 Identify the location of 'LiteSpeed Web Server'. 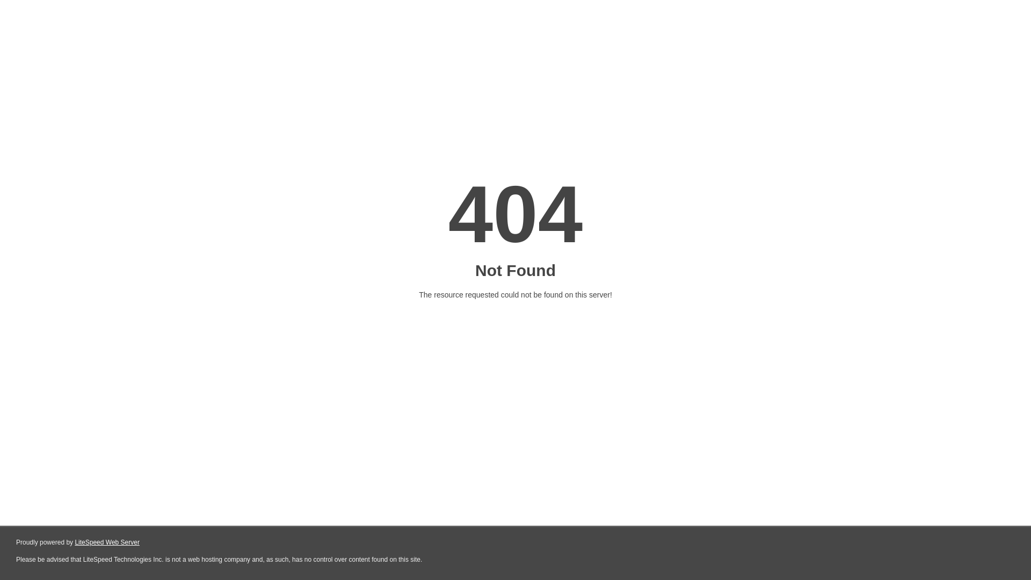
(107, 542).